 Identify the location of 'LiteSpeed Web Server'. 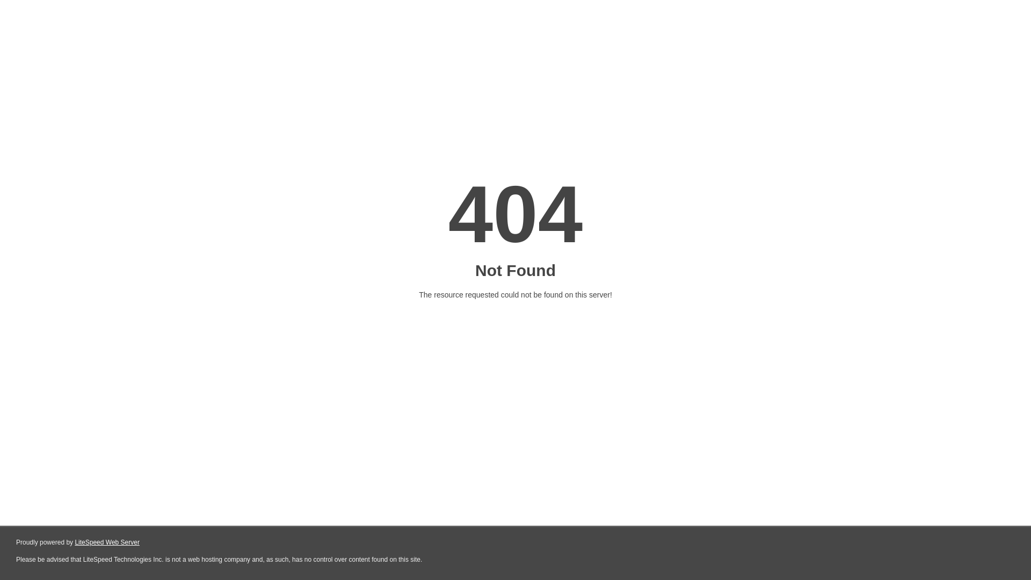
(107, 542).